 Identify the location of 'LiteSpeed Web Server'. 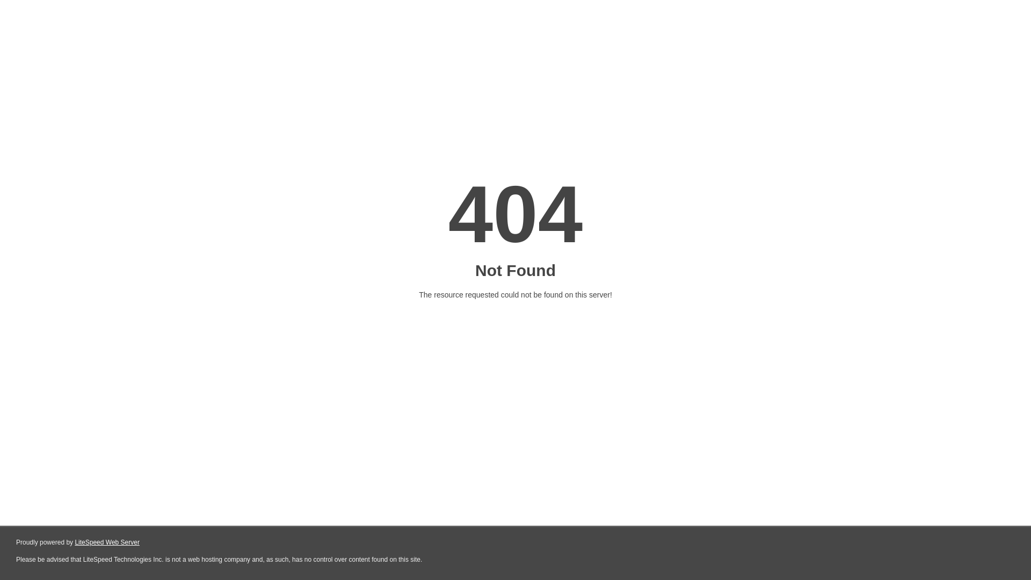
(107, 542).